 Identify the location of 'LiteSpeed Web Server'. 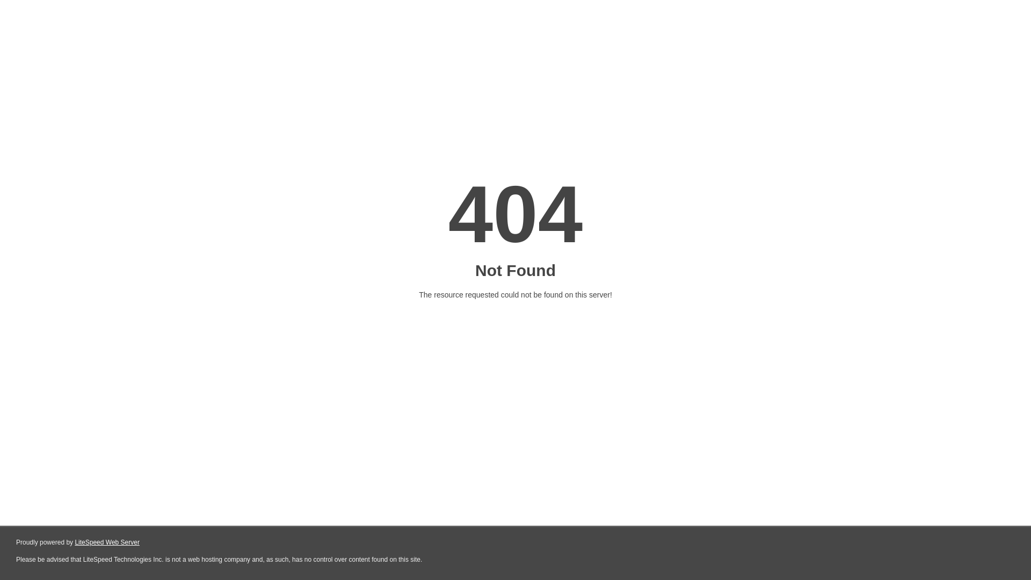
(107, 542).